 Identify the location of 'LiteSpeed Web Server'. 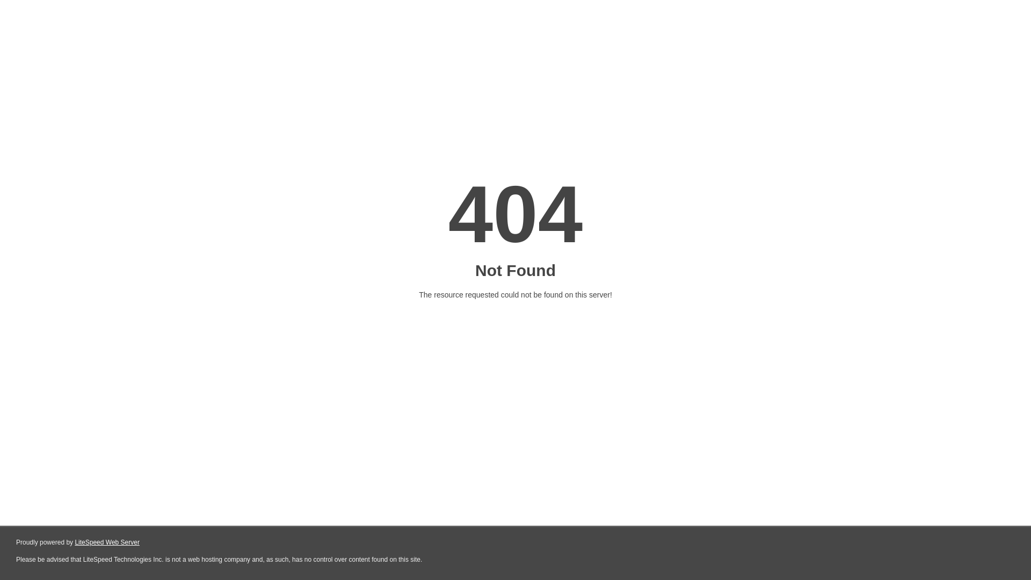
(107, 542).